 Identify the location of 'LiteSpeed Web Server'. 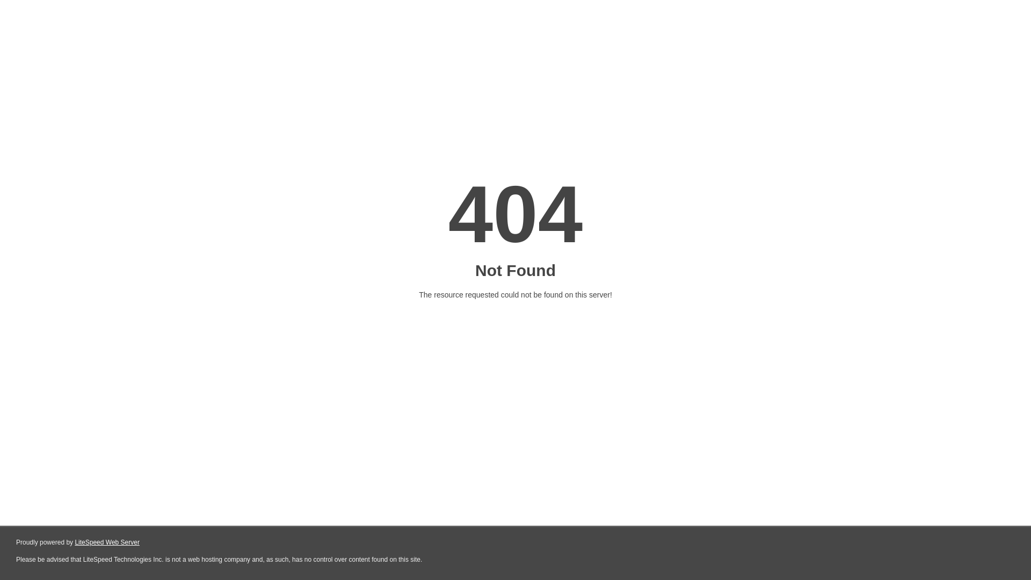
(107, 542).